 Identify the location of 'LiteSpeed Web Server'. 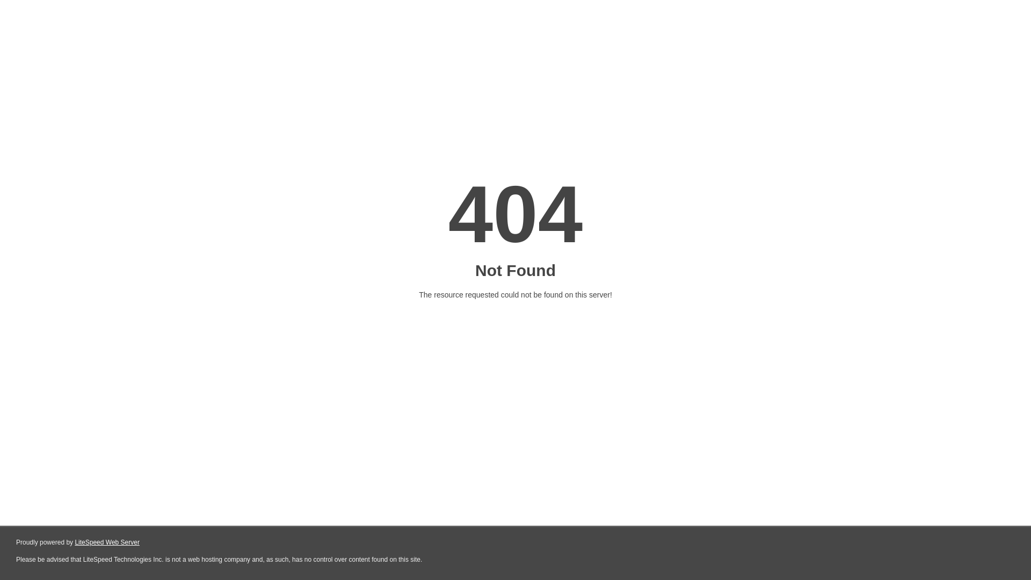
(107, 542).